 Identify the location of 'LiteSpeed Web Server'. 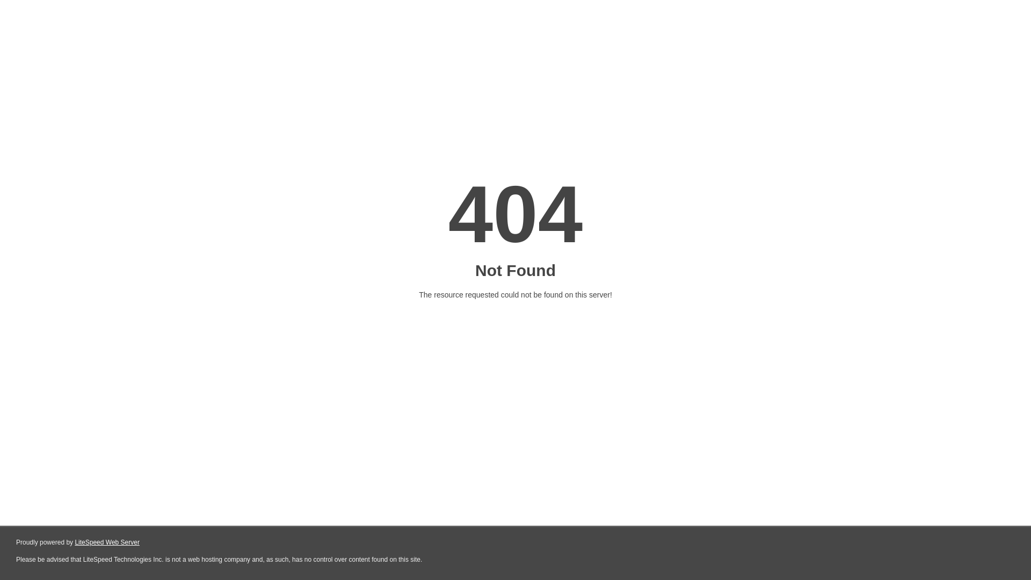
(107, 542).